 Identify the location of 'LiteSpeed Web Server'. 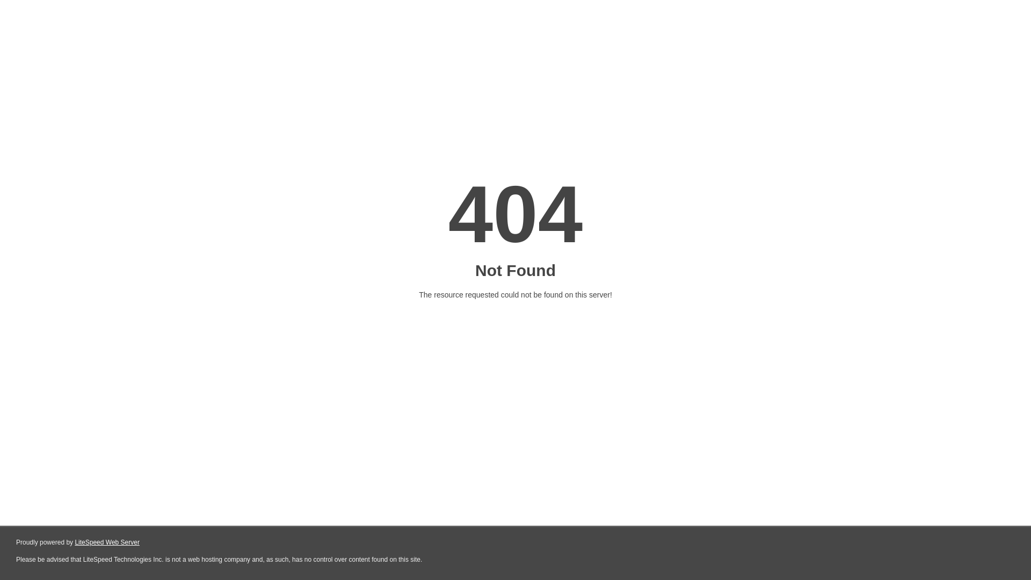
(107, 542).